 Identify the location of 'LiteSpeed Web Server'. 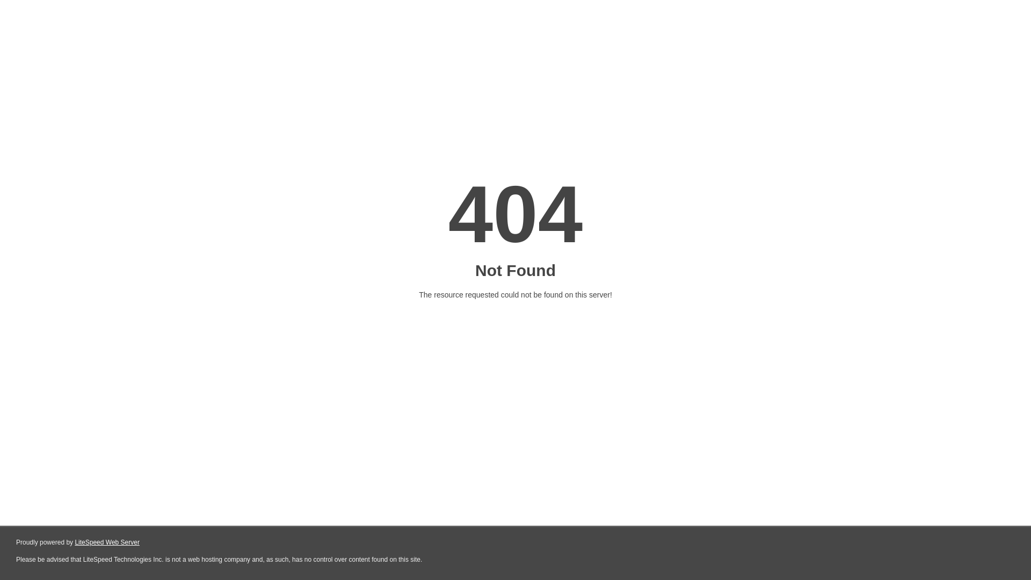
(107, 542).